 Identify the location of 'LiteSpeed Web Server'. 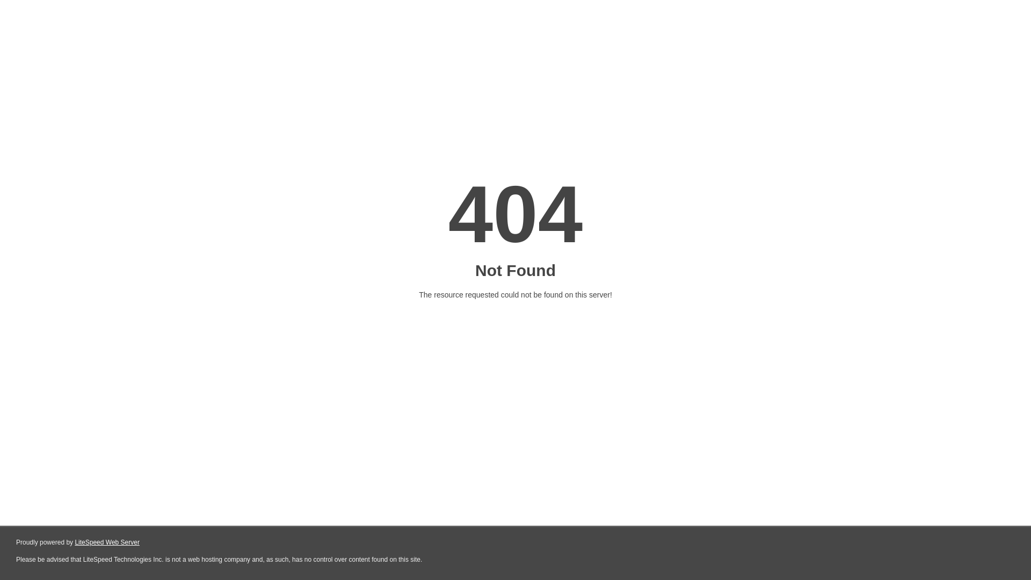
(107, 542).